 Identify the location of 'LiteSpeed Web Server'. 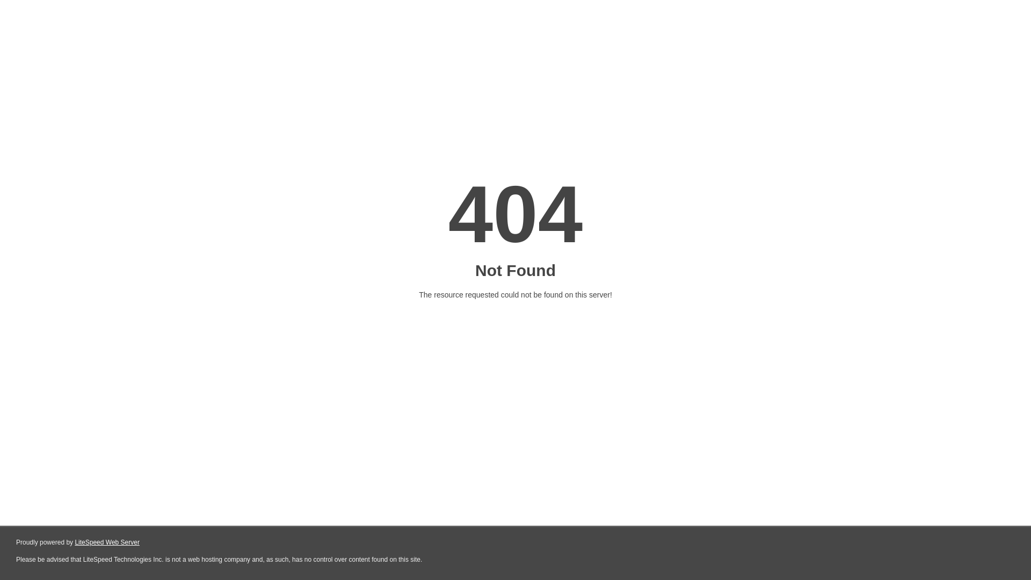
(107, 542).